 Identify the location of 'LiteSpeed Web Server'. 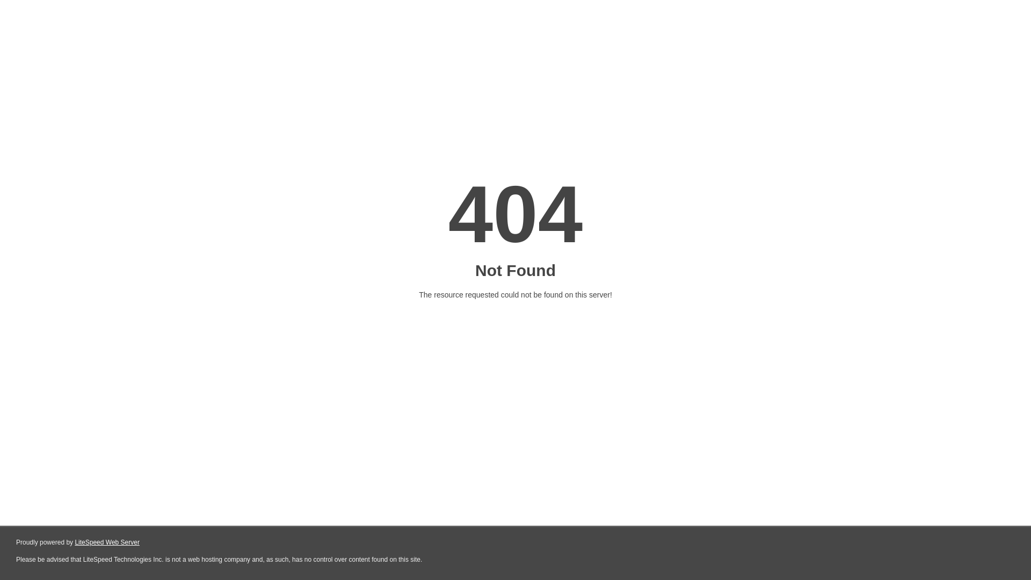
(107, 542).